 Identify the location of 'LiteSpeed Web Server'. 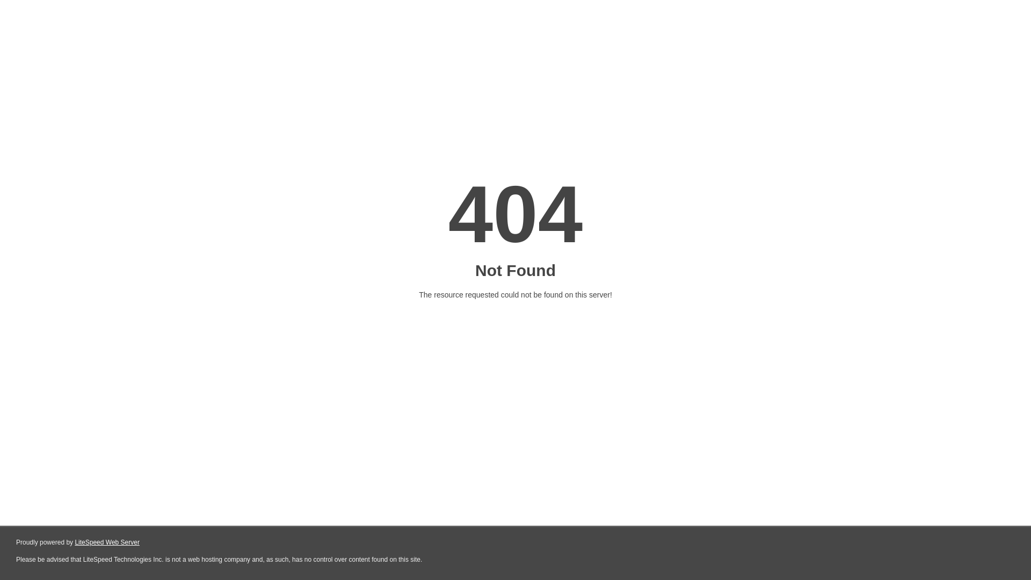
(107, 542).